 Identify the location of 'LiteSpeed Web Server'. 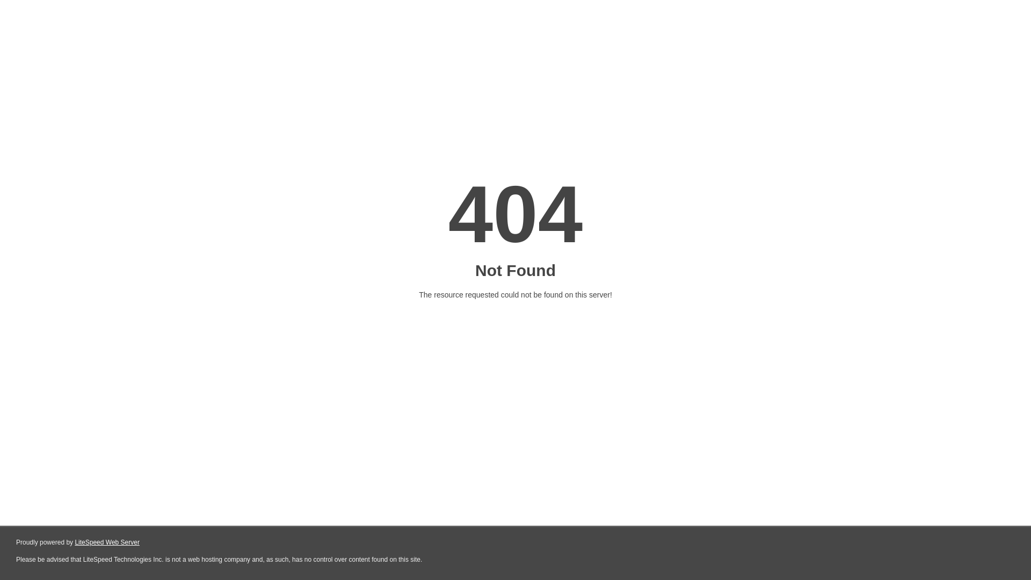
(107, 542).